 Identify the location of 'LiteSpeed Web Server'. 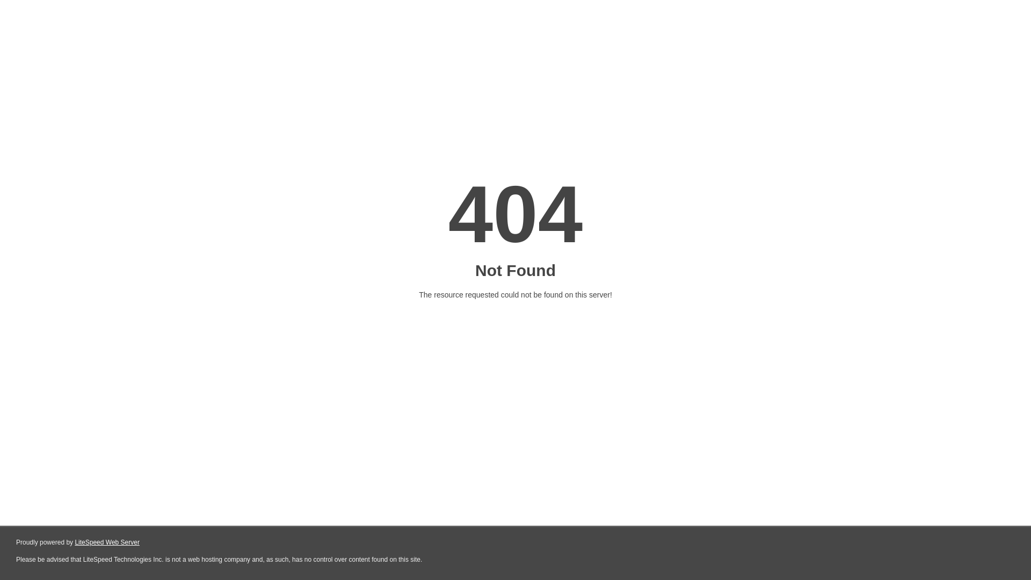
(107, 542).